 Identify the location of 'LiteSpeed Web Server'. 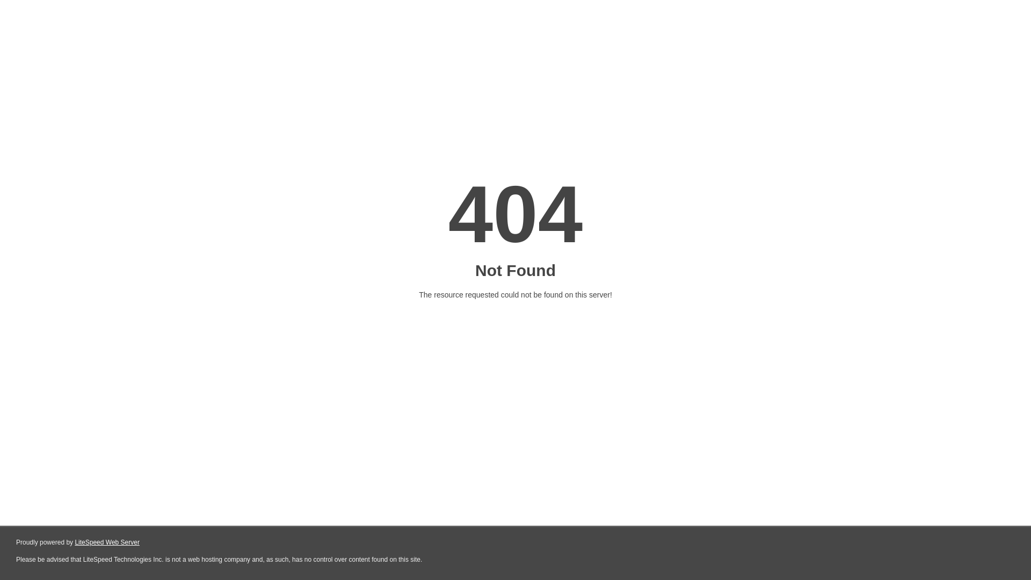
(107, 542).